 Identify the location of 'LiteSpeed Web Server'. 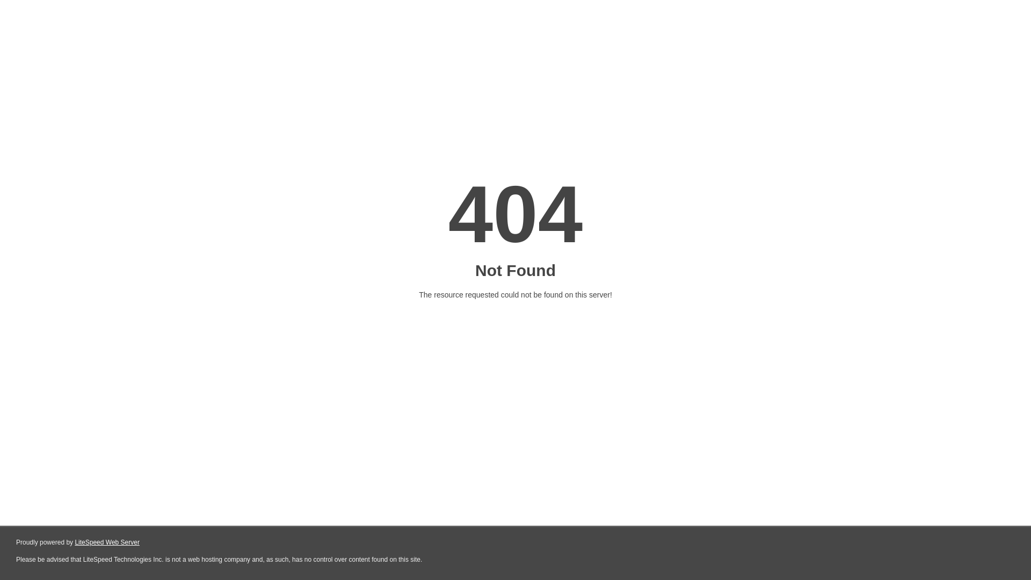
(107, 542).